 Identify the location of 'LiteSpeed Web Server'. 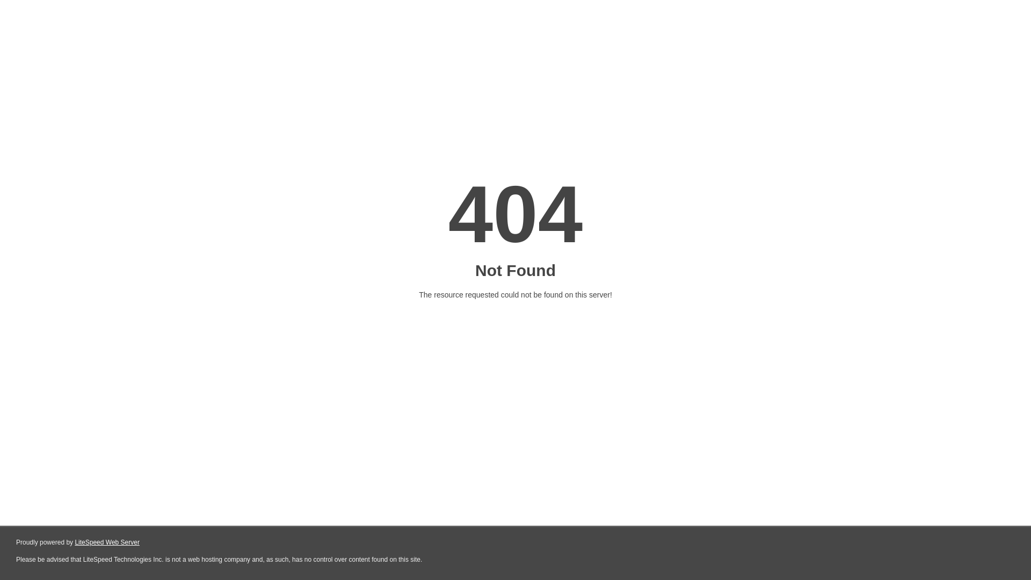
(107, 542).